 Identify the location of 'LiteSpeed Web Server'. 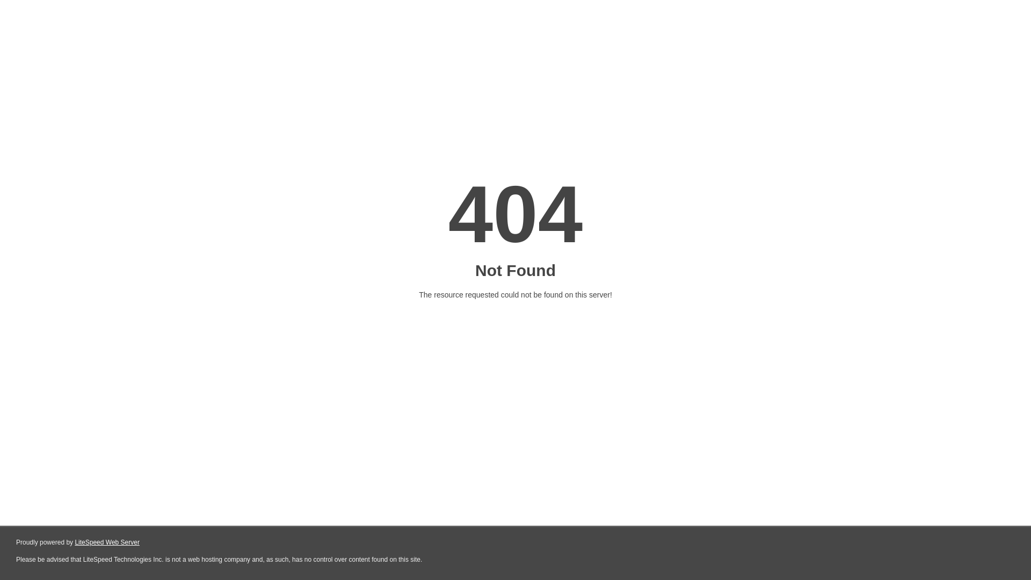
(107, 542).